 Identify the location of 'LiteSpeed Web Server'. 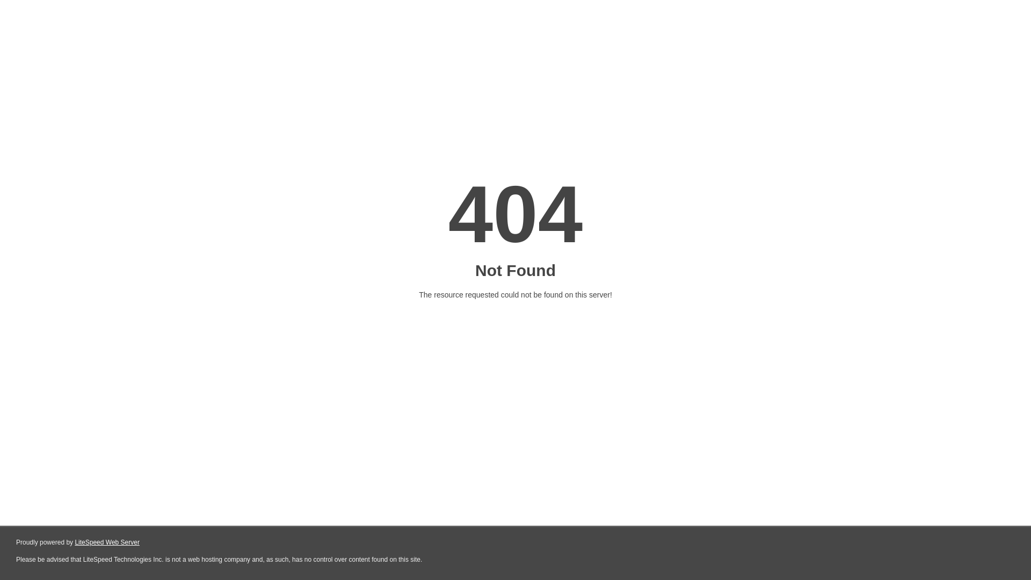
(107, 542).